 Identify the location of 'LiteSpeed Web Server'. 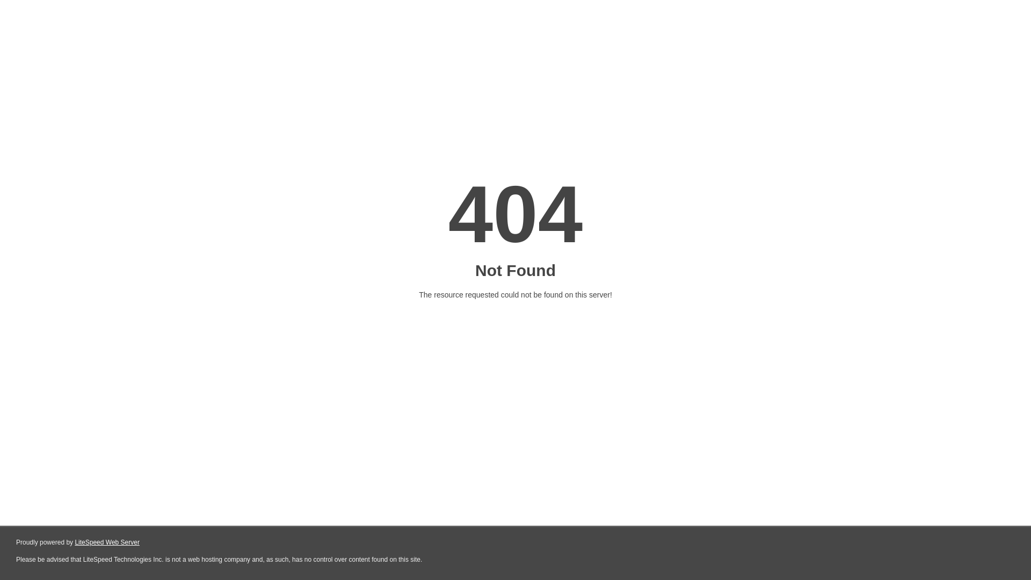
(107, 542).